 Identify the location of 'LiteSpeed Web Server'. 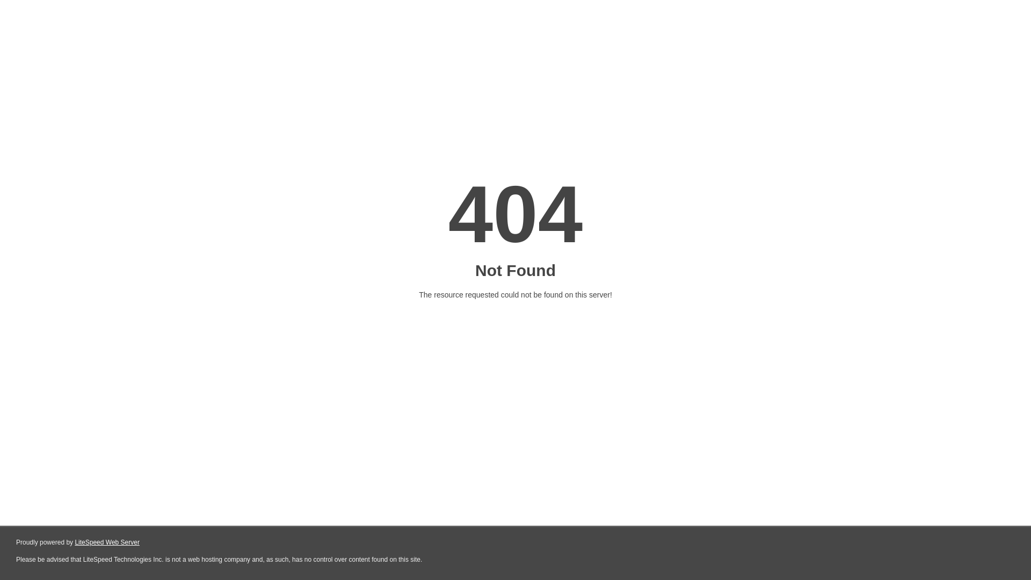
(107, 542).